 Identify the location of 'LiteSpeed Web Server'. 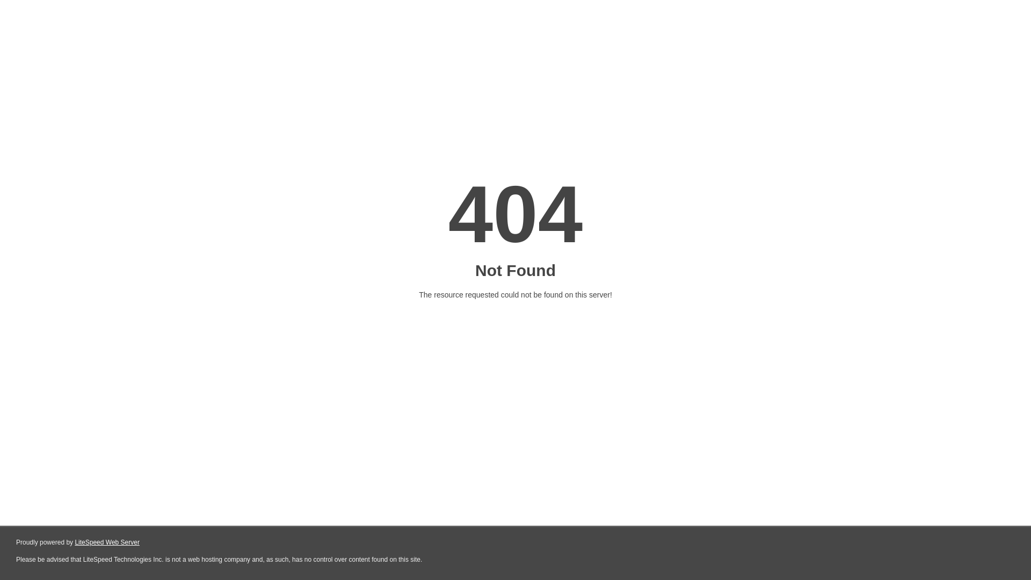
(107, 542).